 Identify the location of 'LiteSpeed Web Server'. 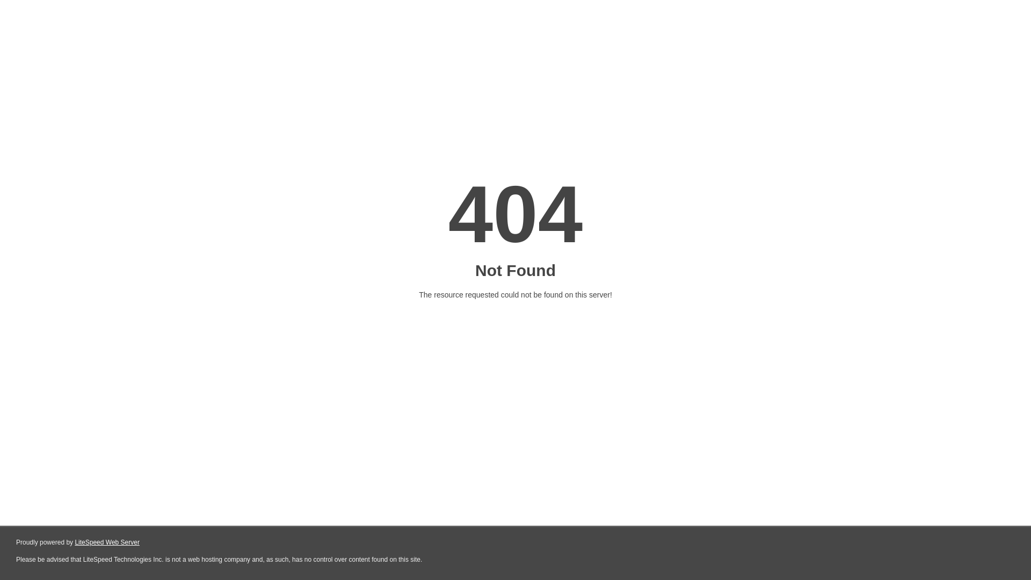
(107, 542).